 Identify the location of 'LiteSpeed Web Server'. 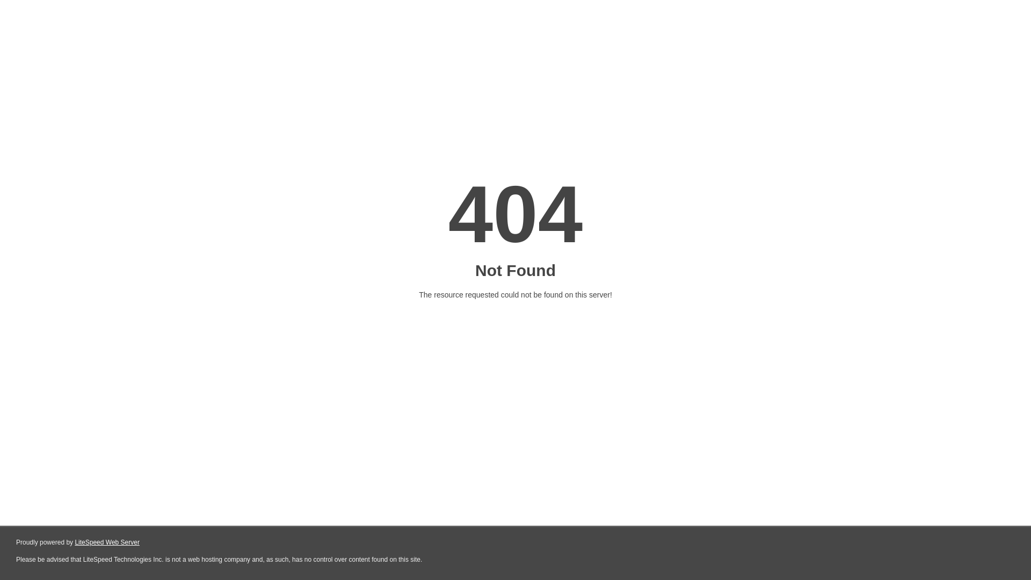
(107, 542).